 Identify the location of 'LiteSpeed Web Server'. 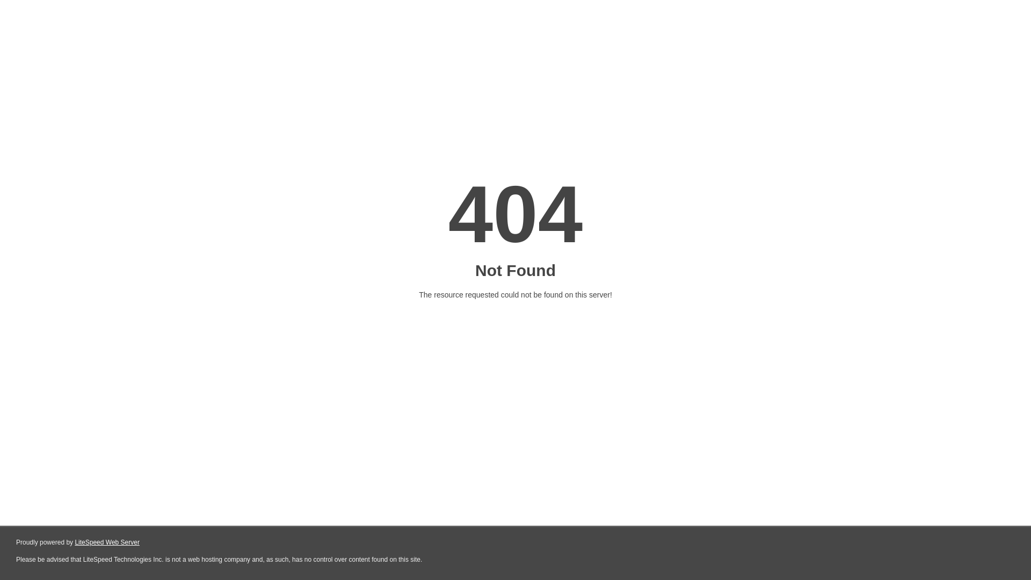
(107, 542).